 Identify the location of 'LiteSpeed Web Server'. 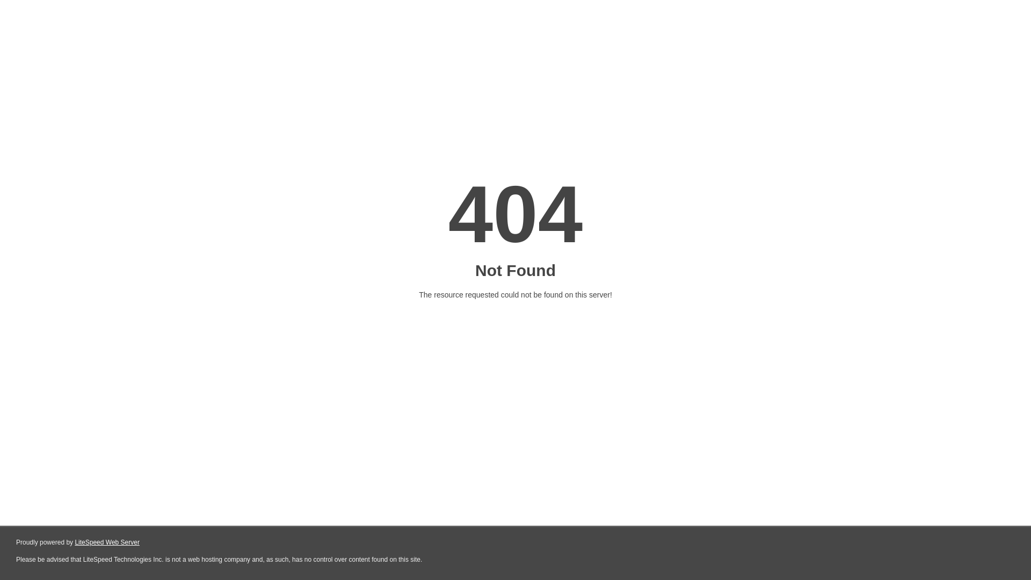
(107, 542).